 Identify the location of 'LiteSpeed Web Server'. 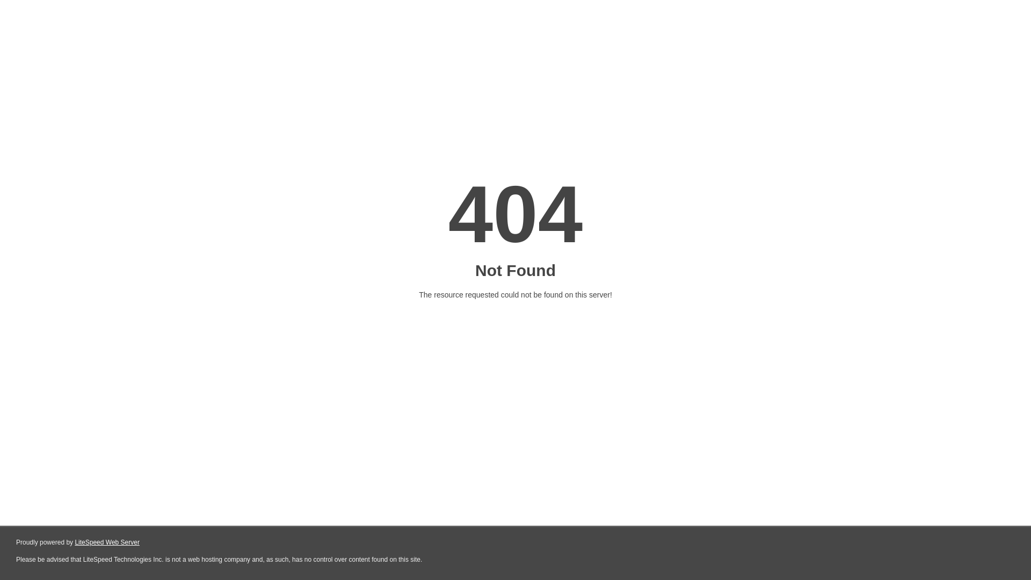
(107, 542).